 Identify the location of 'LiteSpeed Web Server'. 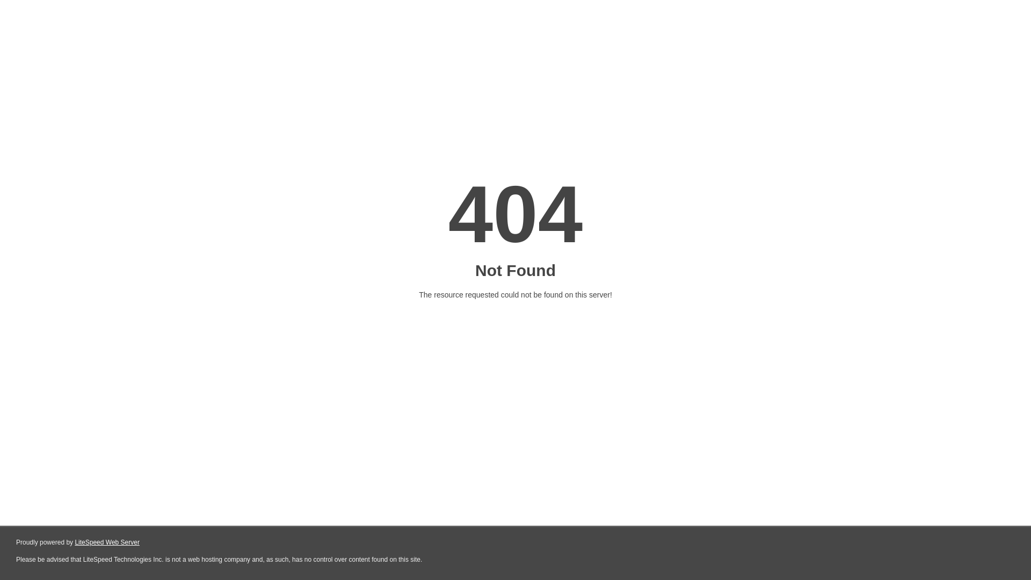
(107, 542).